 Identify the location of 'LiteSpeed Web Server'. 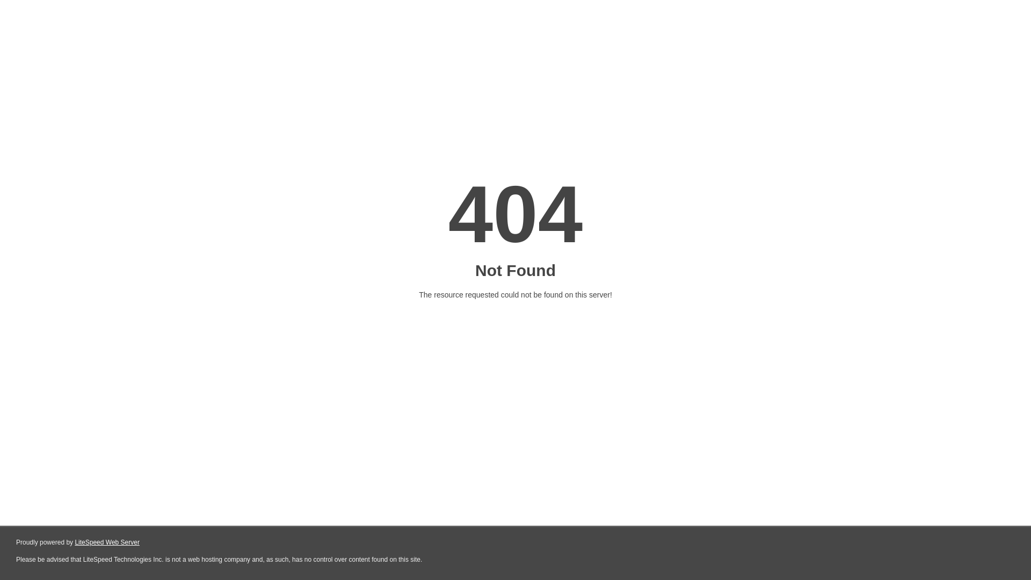
(107, 542).